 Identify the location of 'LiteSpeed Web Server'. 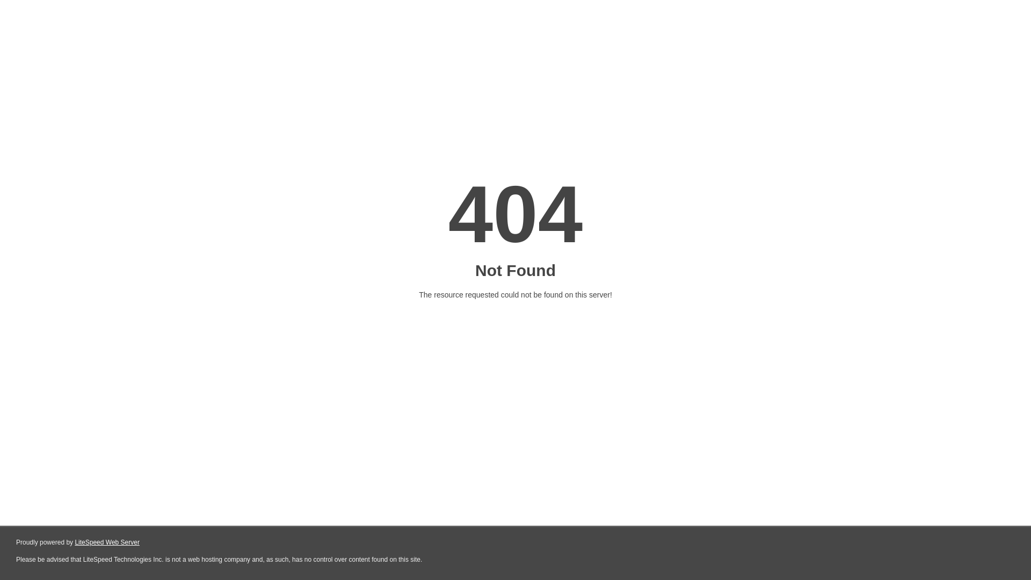
(107, 542).